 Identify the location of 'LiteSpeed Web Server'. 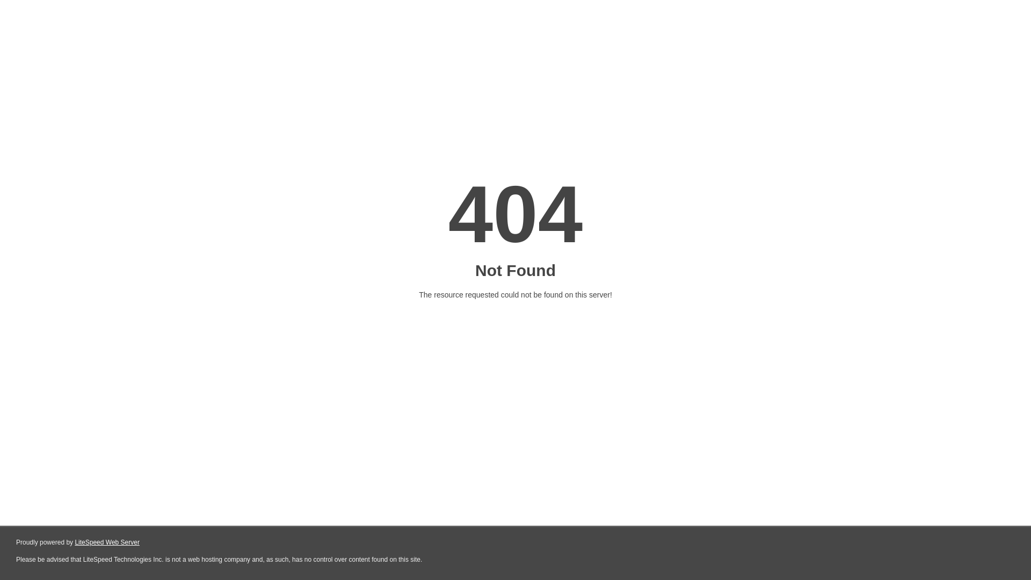
(107, 542).